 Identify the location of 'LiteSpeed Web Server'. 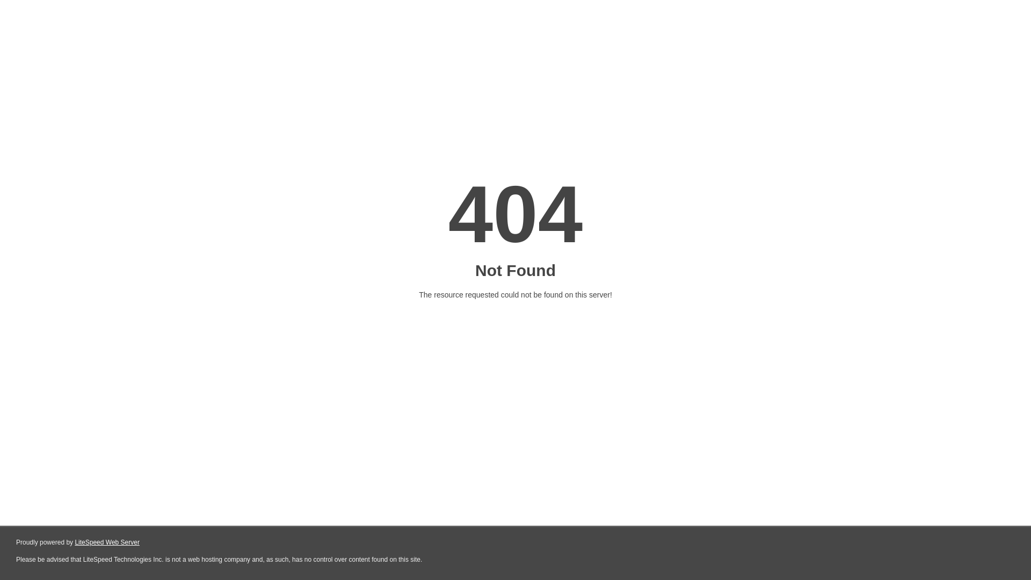
(107, 542).